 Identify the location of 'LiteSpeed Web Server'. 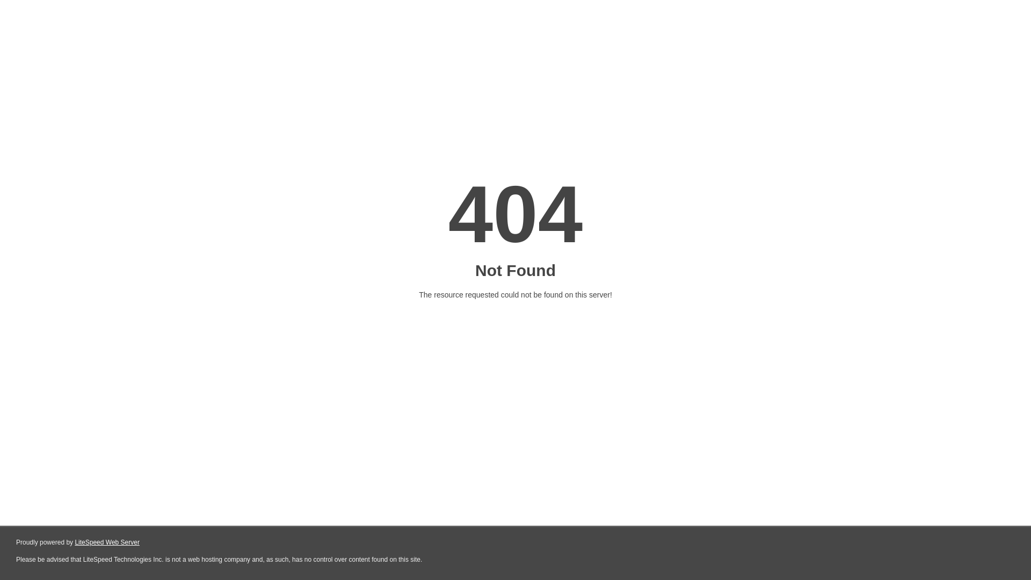
(107, 542).